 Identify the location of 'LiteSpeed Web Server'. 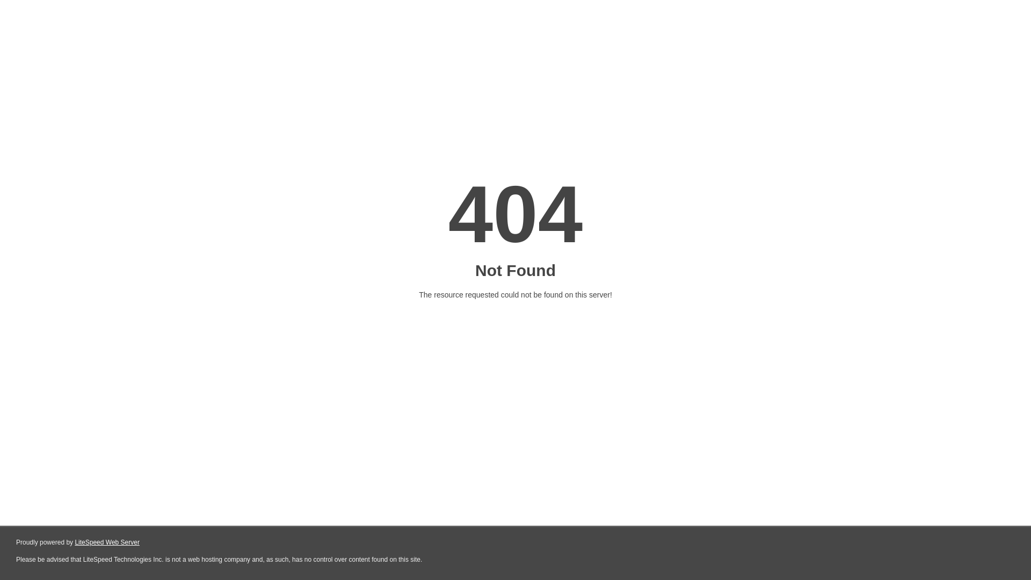
(107, 542).